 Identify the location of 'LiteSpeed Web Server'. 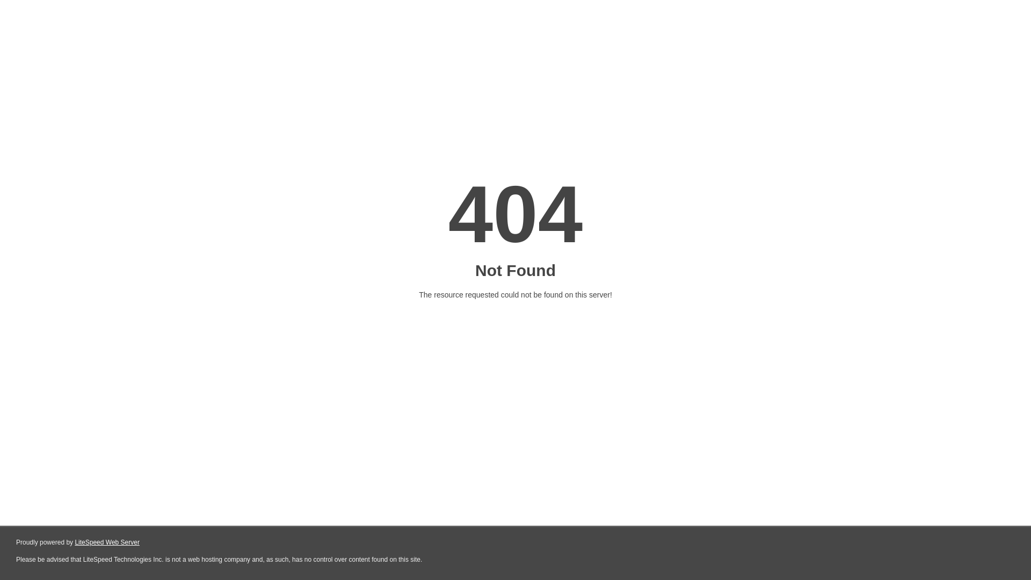
(107, 542).